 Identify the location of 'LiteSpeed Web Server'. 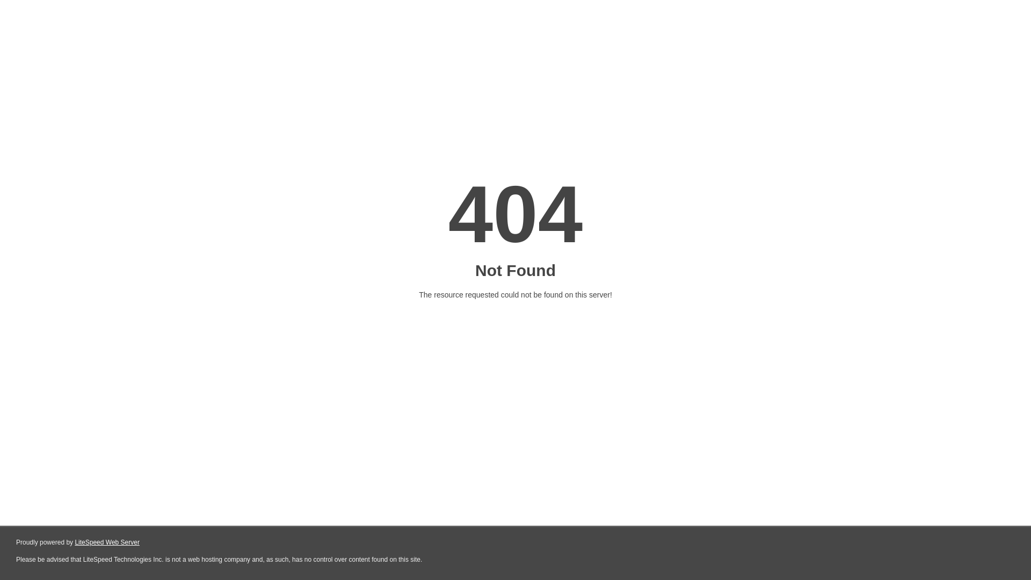
(107, 542).